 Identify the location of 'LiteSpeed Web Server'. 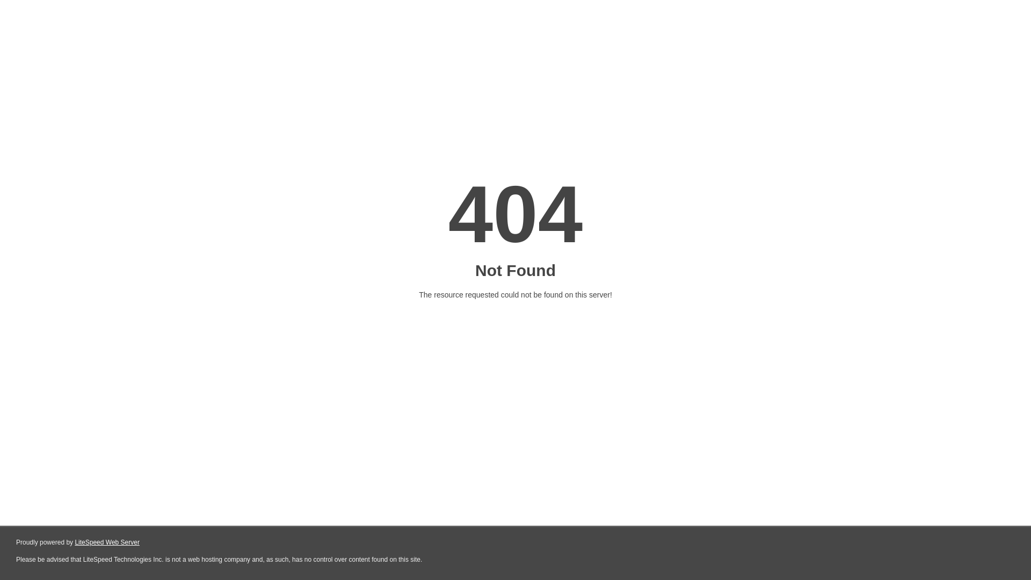
(107, 542).